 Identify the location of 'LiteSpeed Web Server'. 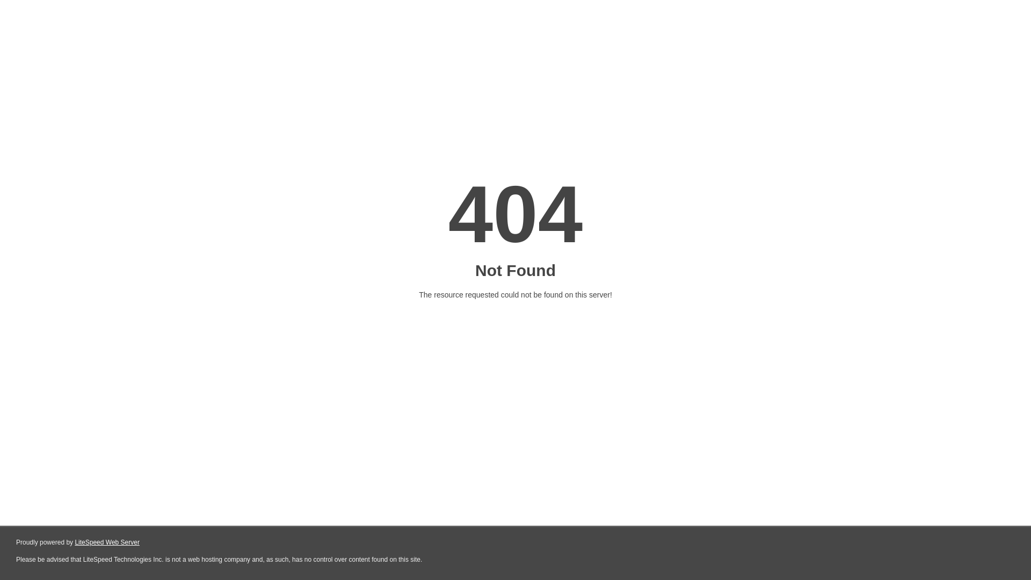
(107, 542).